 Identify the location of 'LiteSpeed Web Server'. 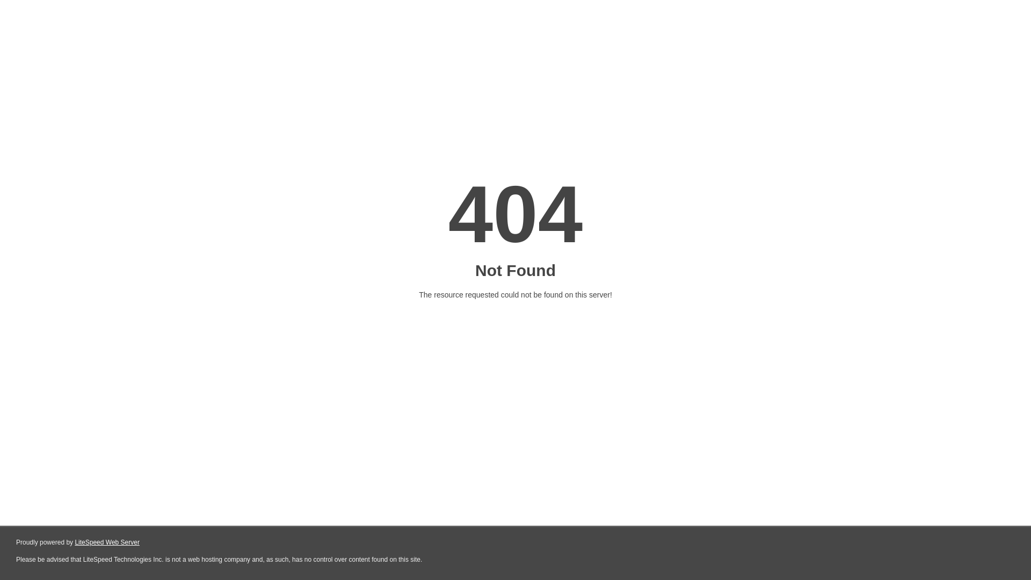
(107, 542).